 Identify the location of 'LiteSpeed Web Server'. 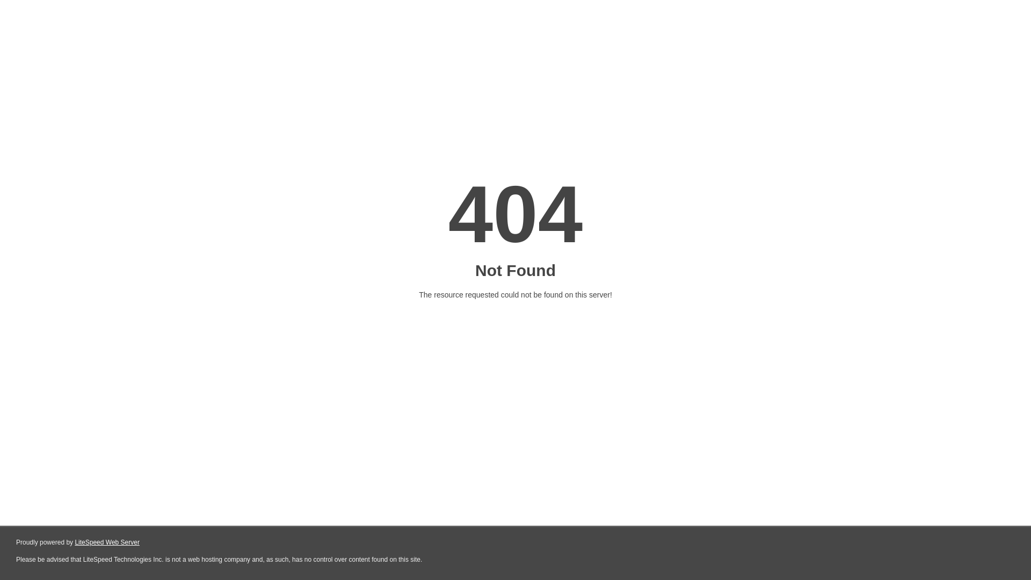
(107, 542).